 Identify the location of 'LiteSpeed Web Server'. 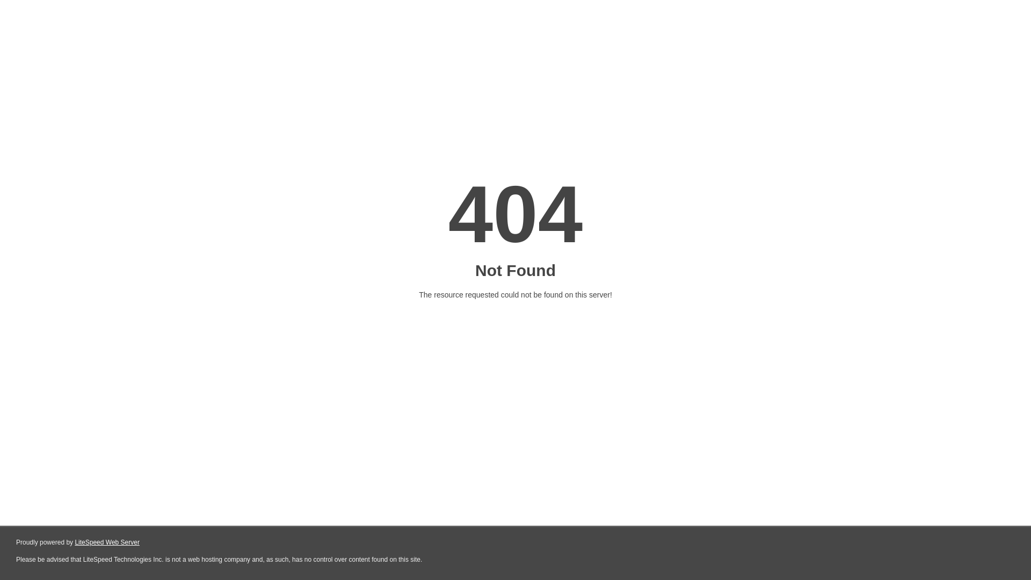
(107, 542).